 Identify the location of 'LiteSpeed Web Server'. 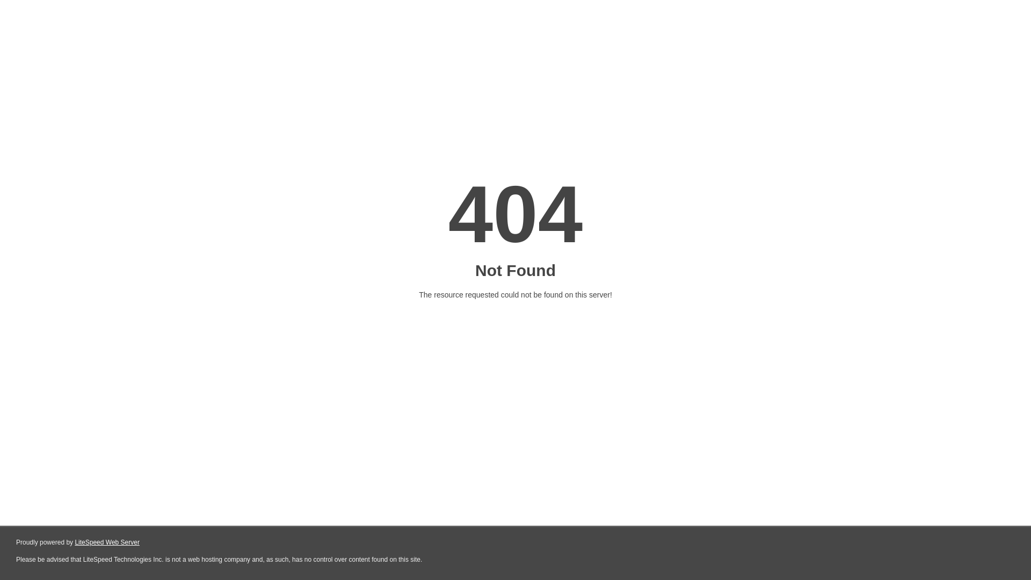
(107, 542).